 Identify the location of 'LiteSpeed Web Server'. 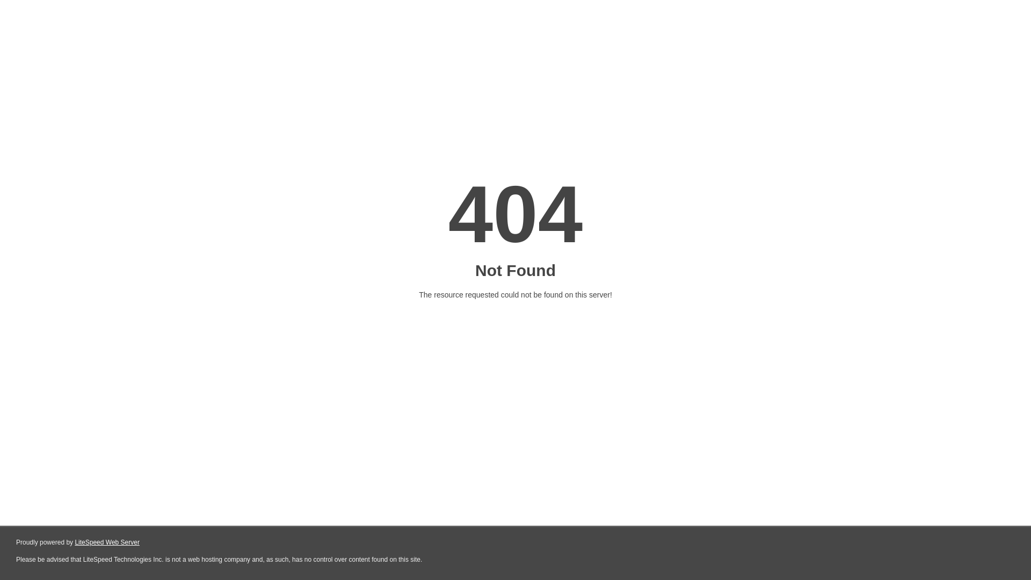
(107, 542).